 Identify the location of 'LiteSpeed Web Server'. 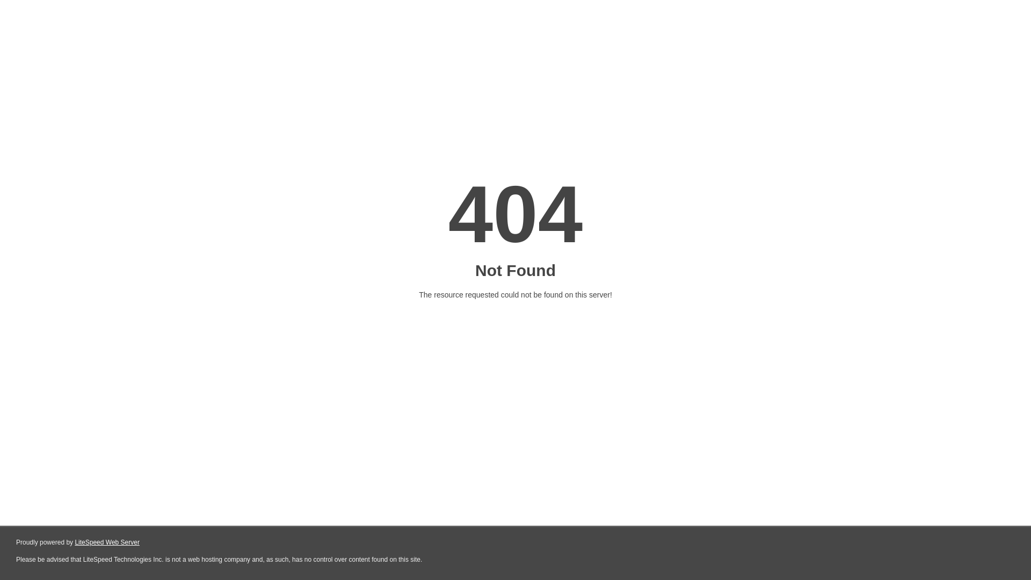
(107, 542).